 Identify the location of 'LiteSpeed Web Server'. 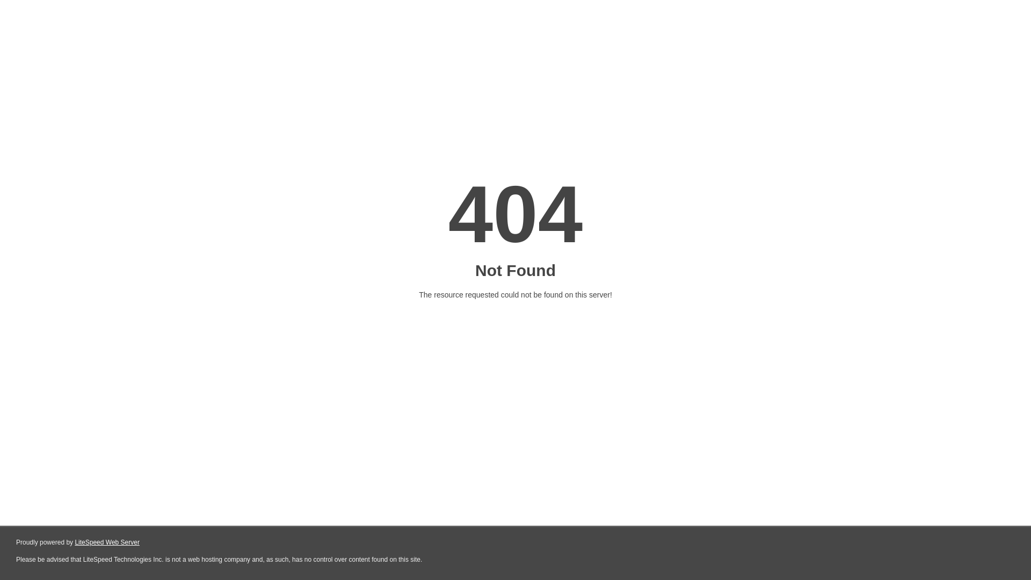
(107, 542).